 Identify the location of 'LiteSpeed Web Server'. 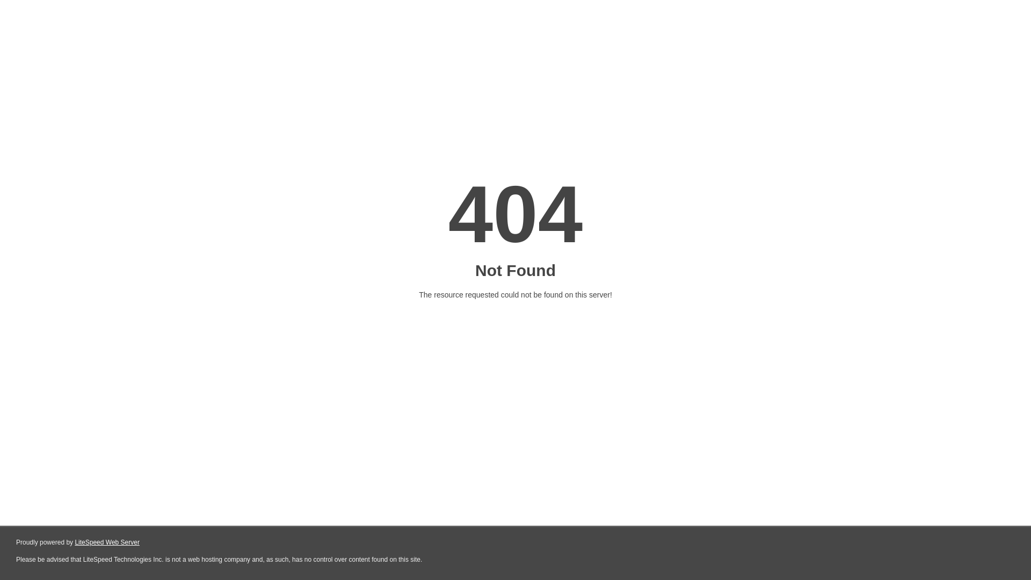
(107, 542).